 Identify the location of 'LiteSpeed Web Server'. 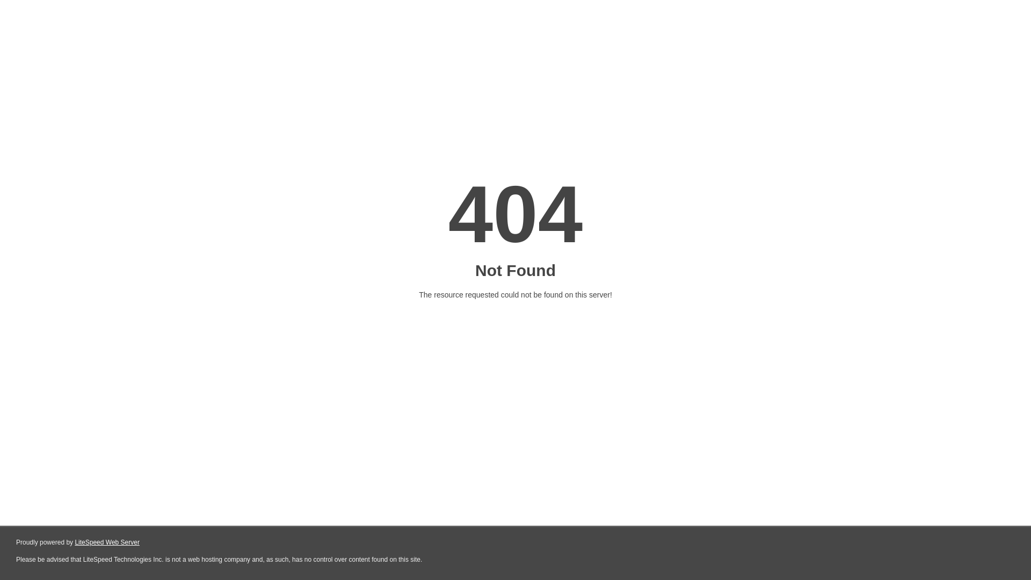
(107, 542).